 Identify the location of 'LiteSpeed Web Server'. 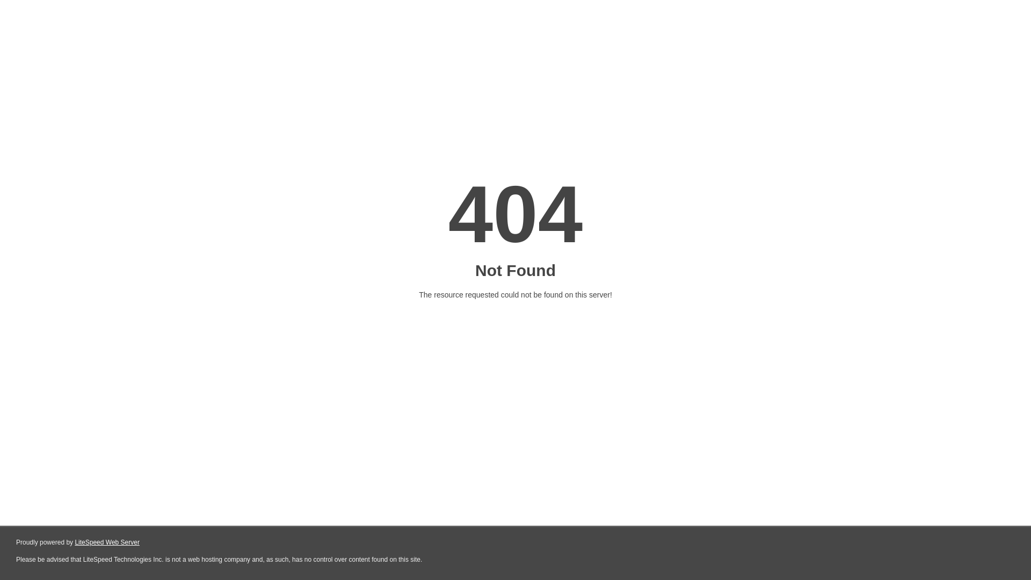
(107, 542).